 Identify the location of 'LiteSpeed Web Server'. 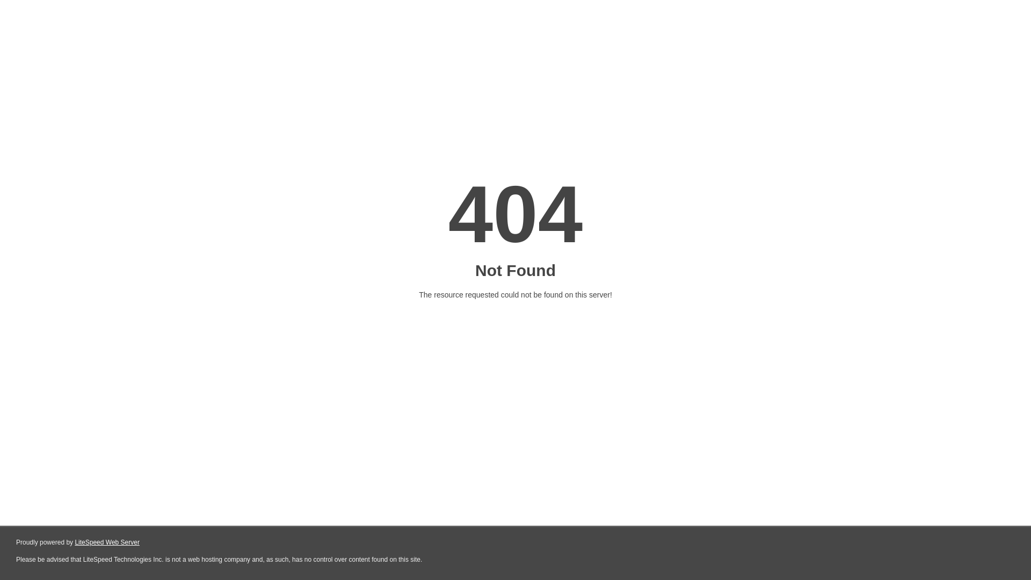
(107, 542).